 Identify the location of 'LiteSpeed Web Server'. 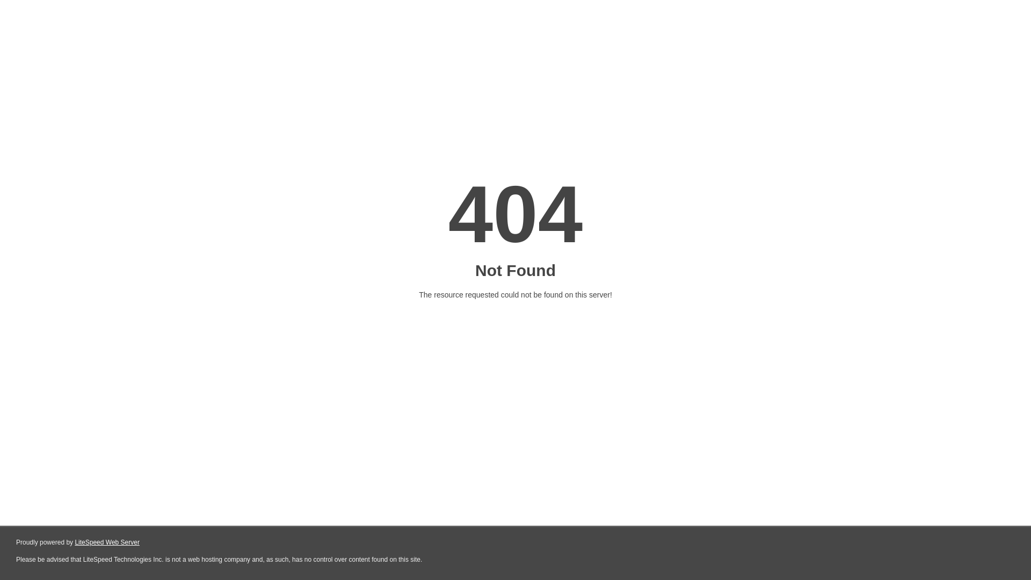
(107, 542).